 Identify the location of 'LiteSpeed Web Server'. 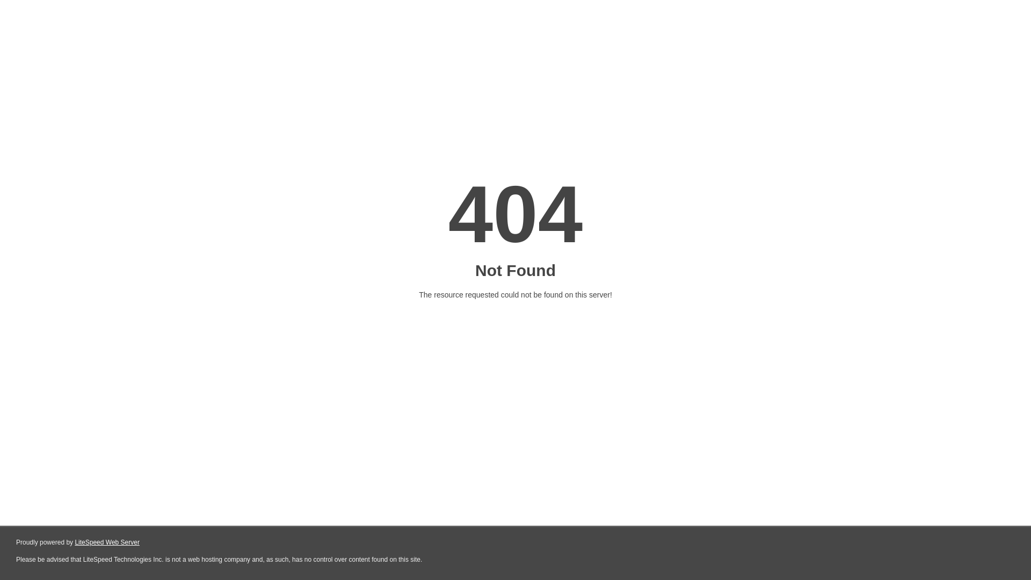
(107, 542).